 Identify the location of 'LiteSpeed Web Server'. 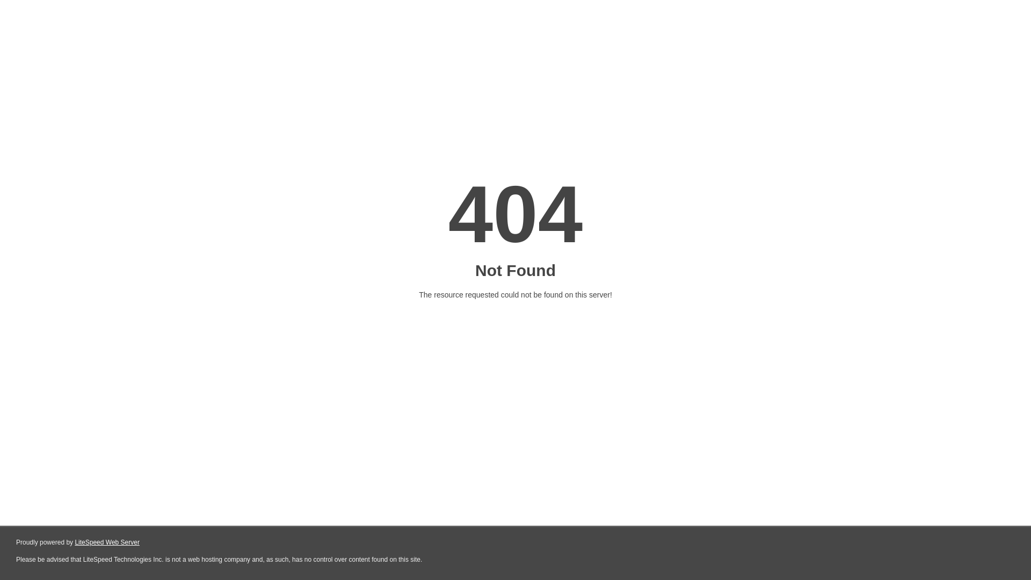
(107, 542).